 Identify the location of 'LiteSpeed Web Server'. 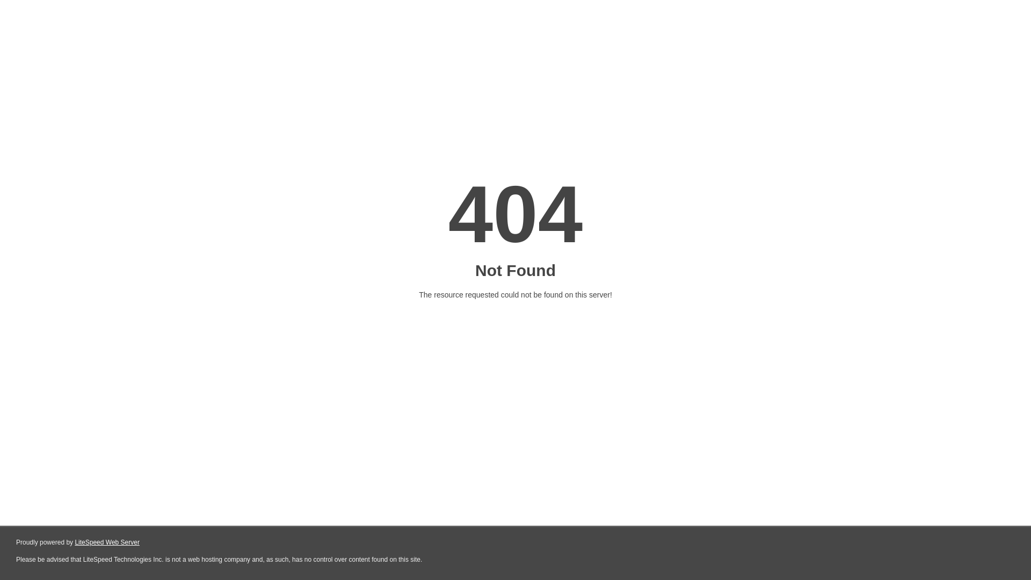
(107, 542).